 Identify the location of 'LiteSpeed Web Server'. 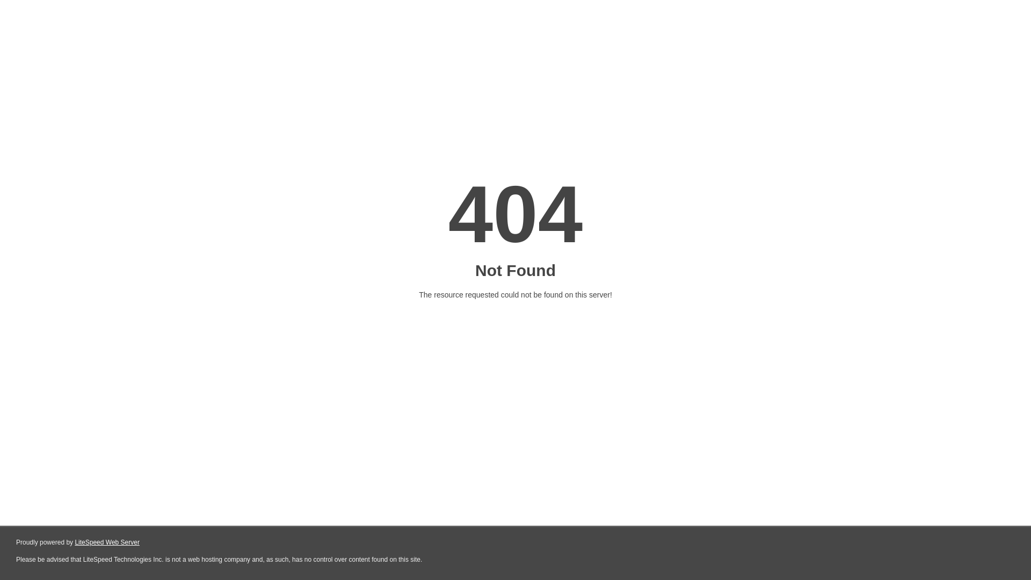
(107, 542).